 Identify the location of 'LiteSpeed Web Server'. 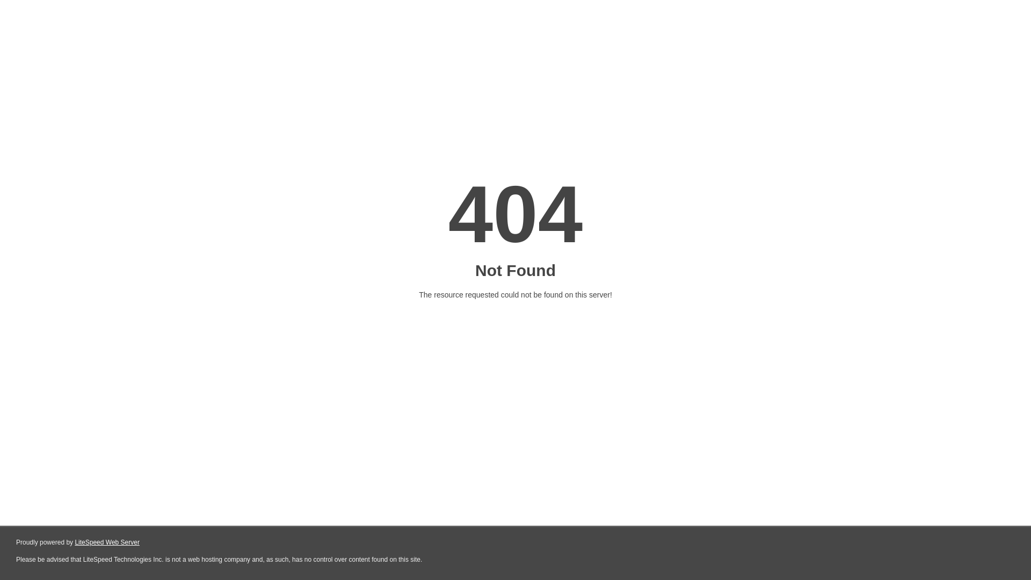
(107, 542).